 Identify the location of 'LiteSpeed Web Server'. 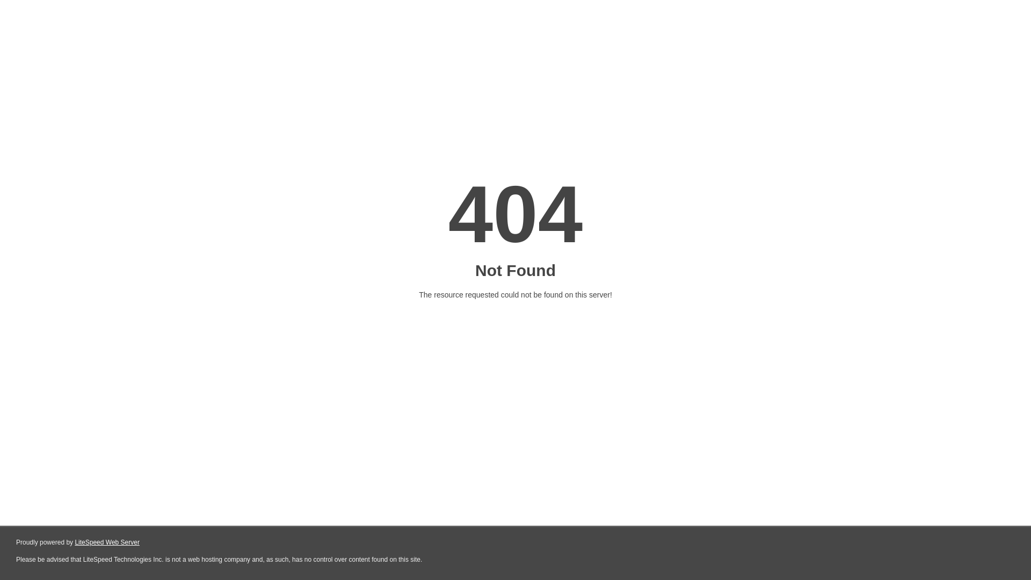
(107, 542).